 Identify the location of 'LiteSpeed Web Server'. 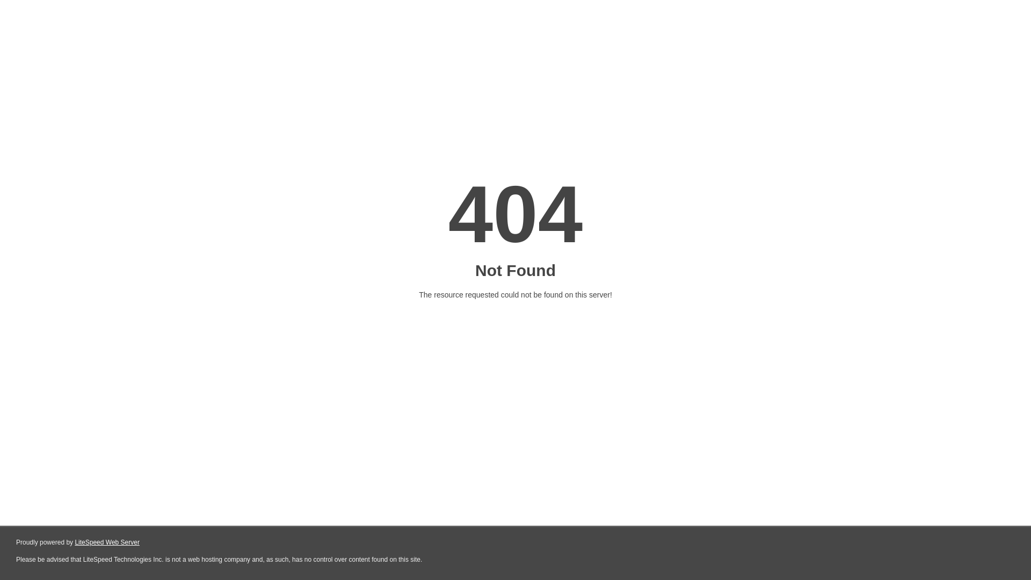
(107, 542).